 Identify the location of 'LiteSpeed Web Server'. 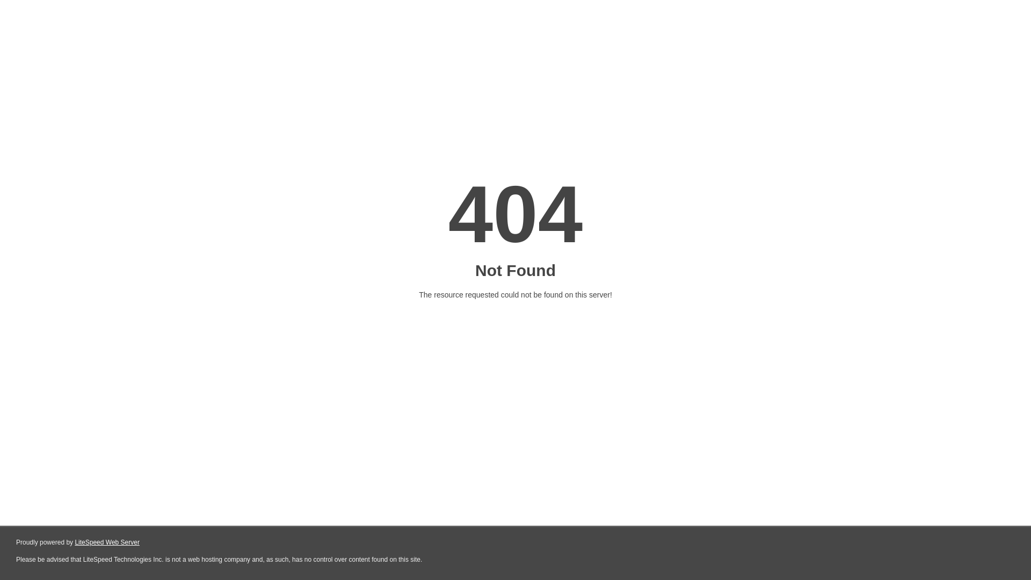
(107, 542).